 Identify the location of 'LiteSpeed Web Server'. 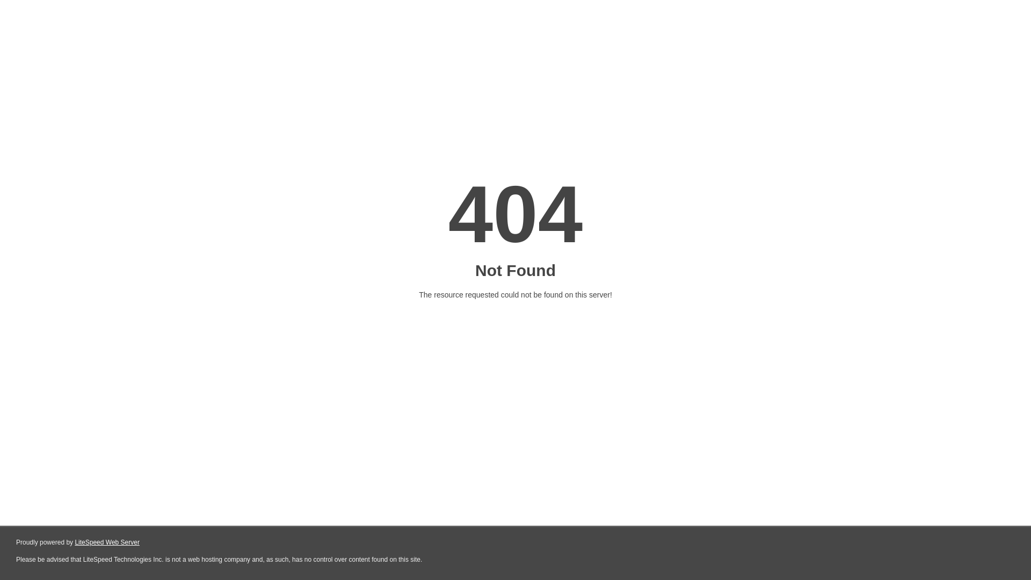
(107, 542).